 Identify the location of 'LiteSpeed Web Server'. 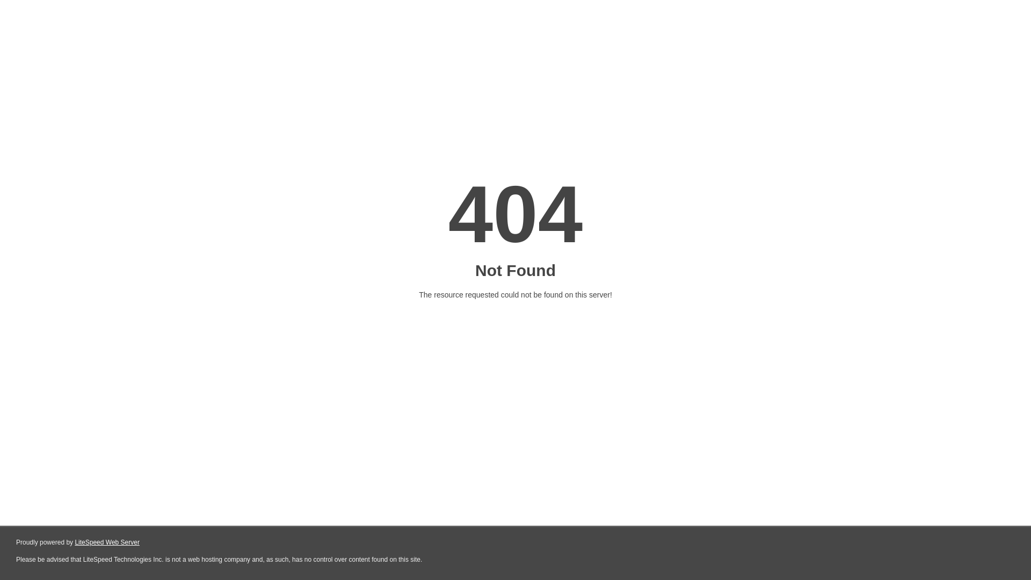
(107, 542).